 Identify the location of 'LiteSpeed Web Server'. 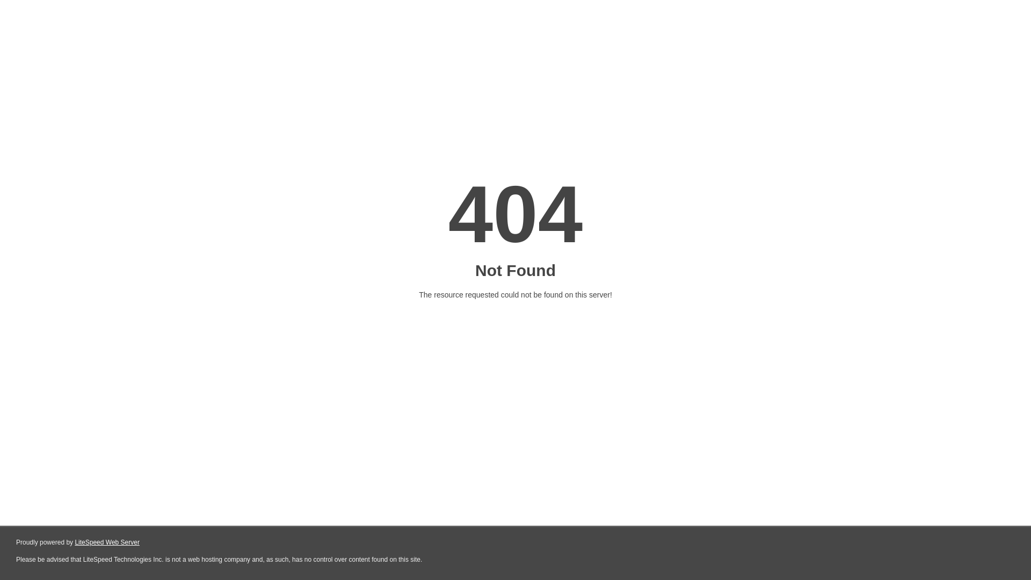
(107, 542).